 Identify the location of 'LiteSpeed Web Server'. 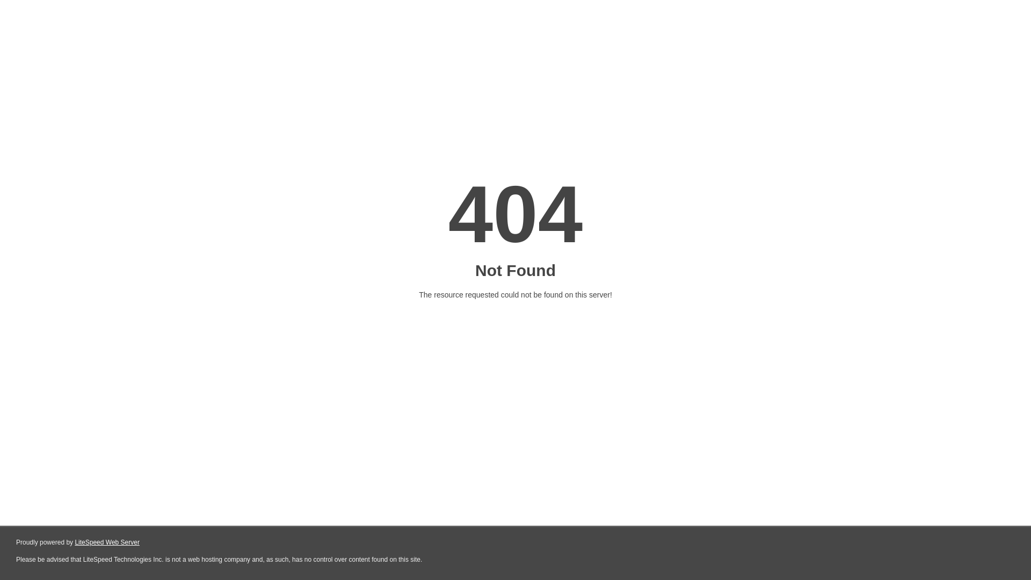
(107, 542).